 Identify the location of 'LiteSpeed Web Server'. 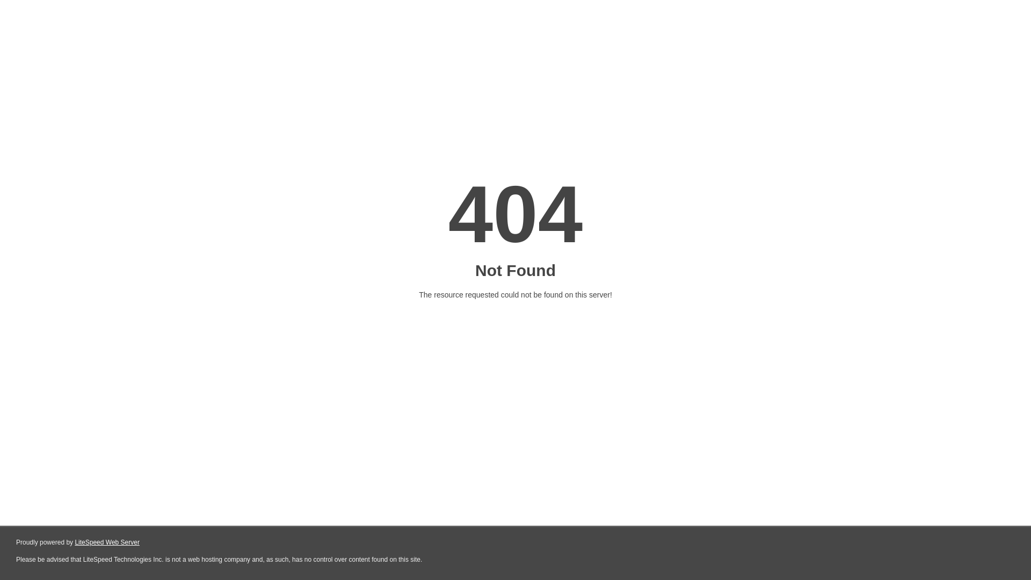
(107, 542).